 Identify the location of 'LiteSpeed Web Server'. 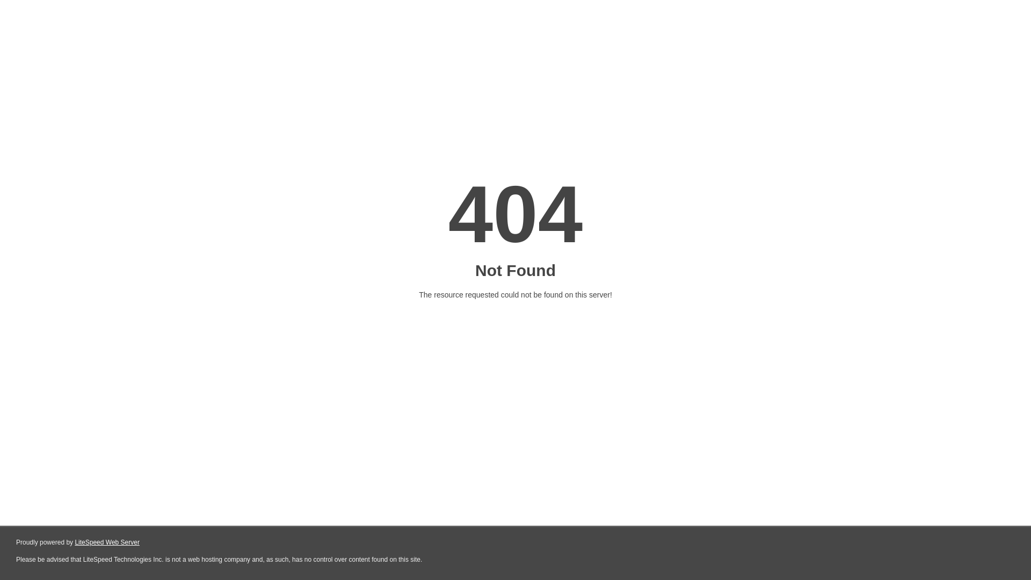
(107, 542).